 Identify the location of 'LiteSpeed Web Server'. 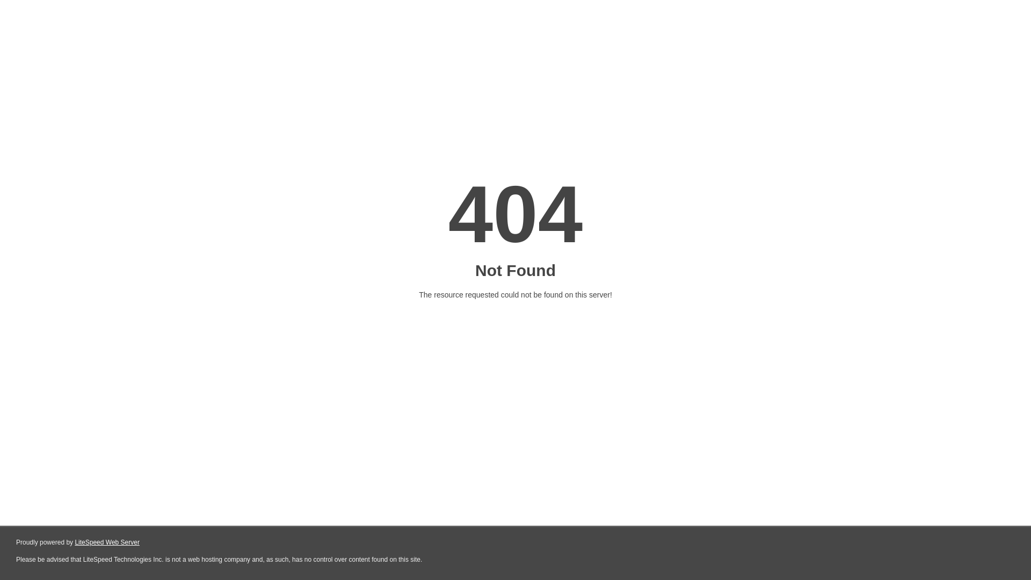
(107, 542).